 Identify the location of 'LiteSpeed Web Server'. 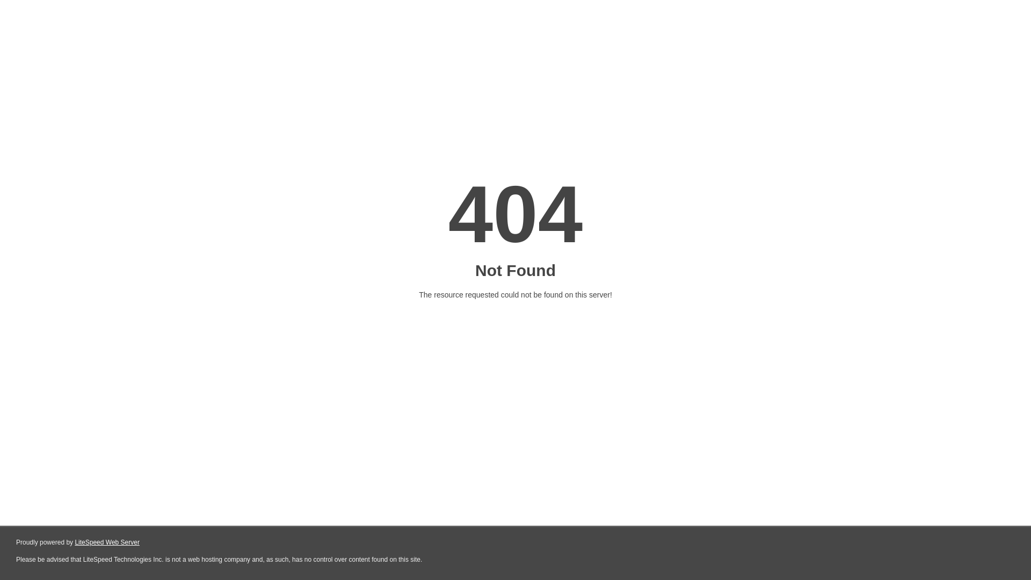
(107, 542).